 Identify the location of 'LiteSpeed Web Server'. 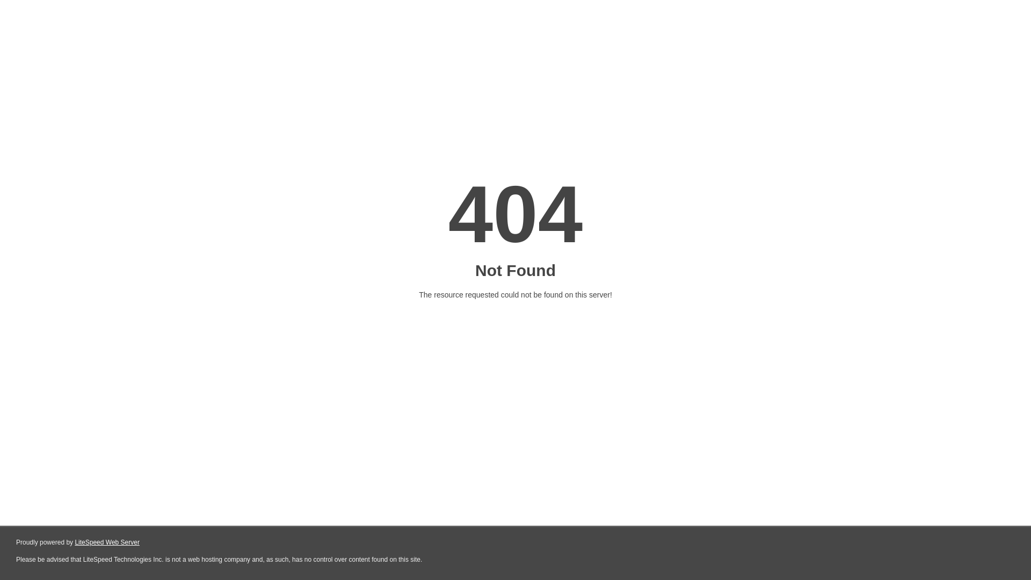
(107, 542).